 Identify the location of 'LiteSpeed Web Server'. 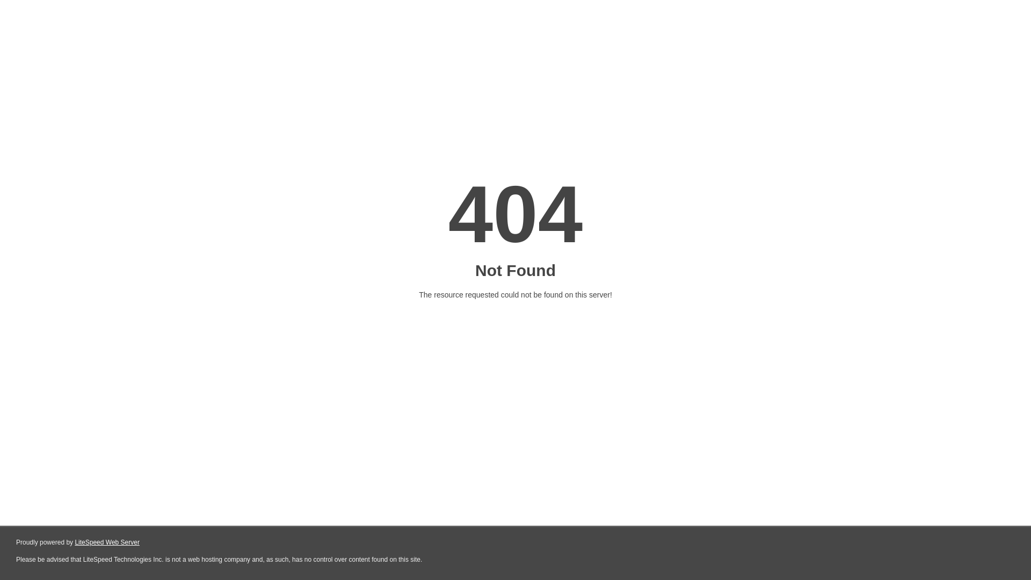
(107, 542).